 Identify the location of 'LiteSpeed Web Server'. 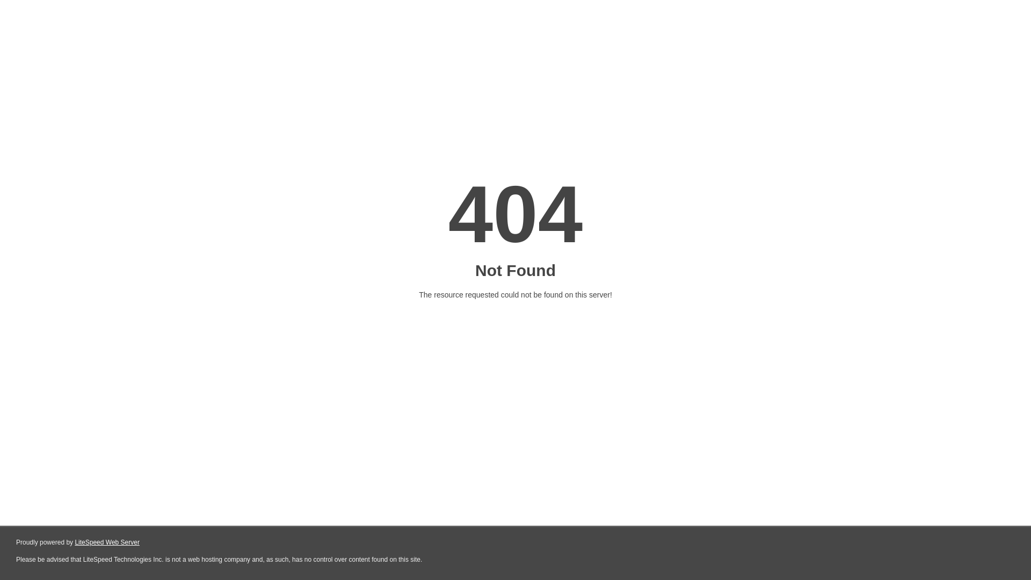
(107, 542).